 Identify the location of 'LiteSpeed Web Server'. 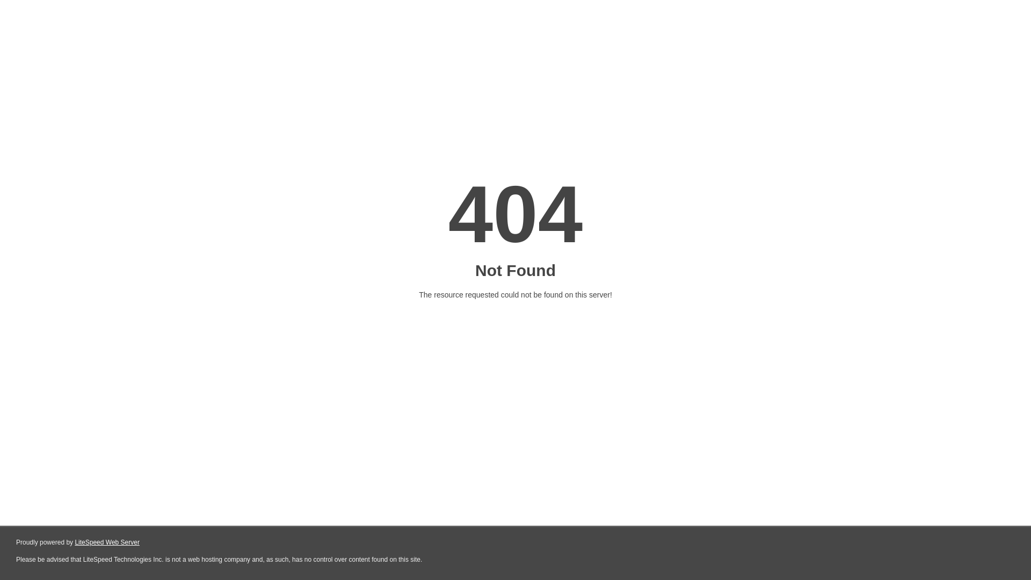
(107, 542).